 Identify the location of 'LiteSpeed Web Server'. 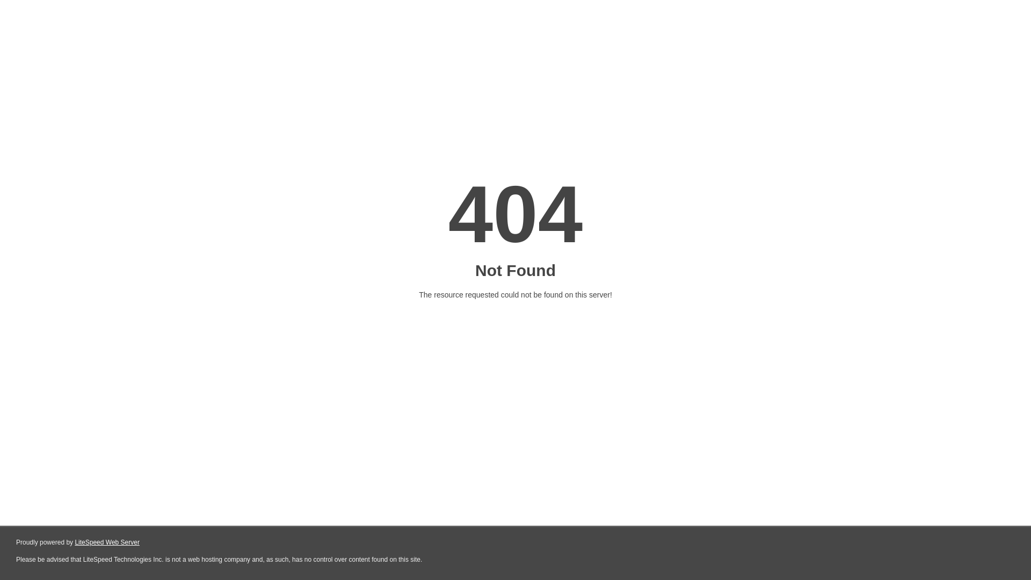
(107, 542).